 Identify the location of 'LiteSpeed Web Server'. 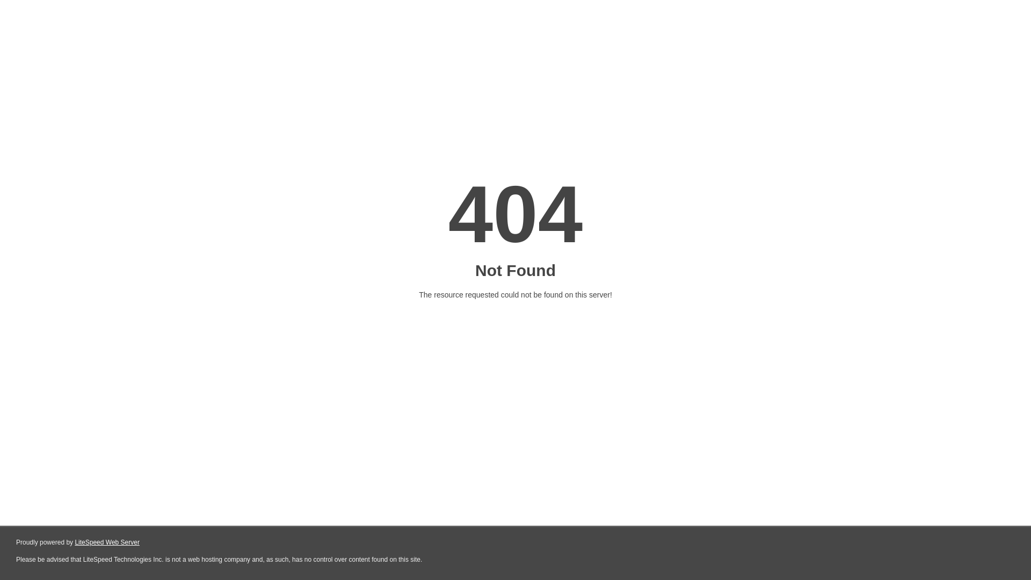
(107, 542).